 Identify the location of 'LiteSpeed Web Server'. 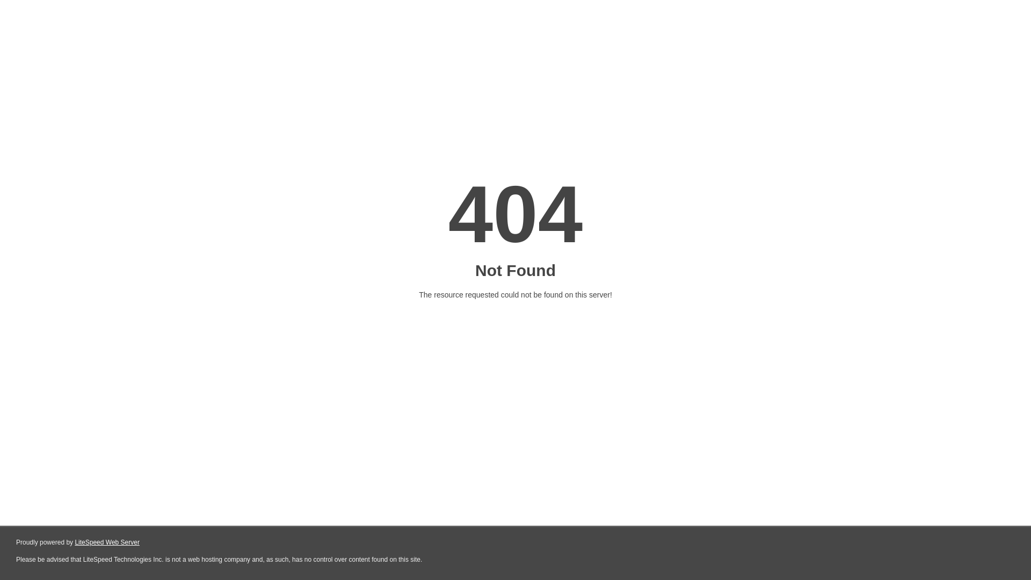
(107, 542).